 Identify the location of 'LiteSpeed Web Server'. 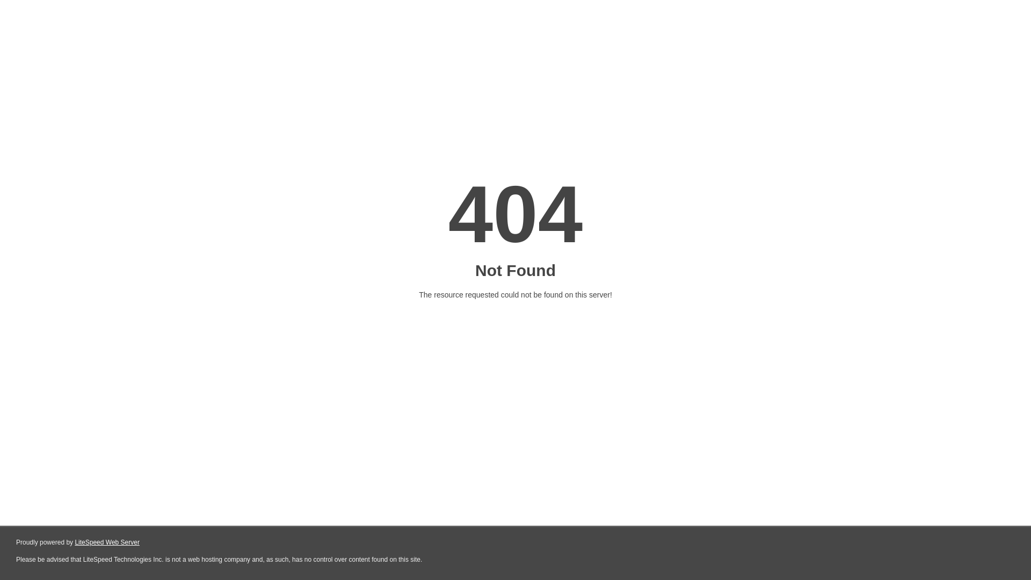
(107, 542).